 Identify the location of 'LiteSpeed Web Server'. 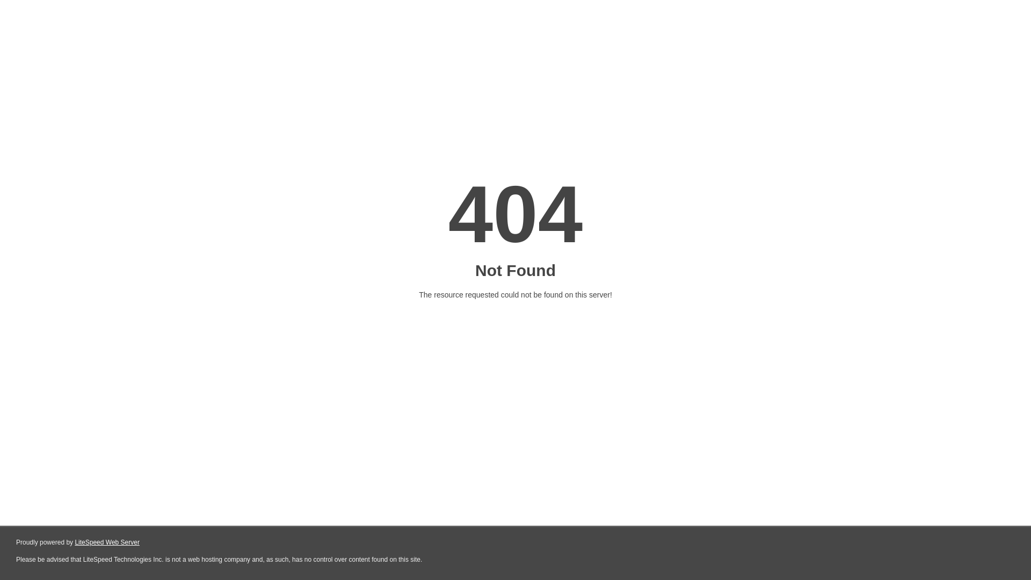
(107, 542).